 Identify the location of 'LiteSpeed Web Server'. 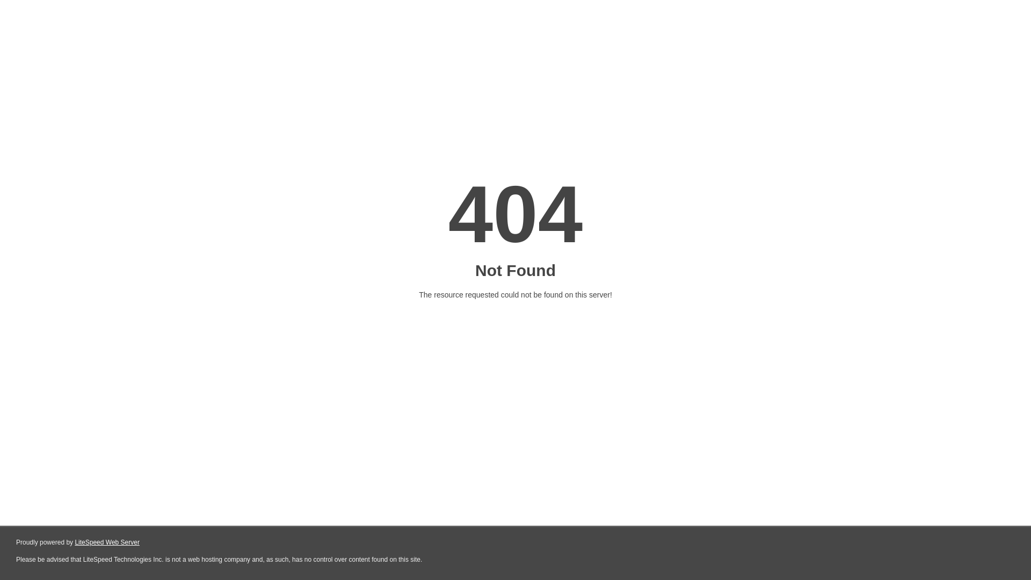
(107, 542).